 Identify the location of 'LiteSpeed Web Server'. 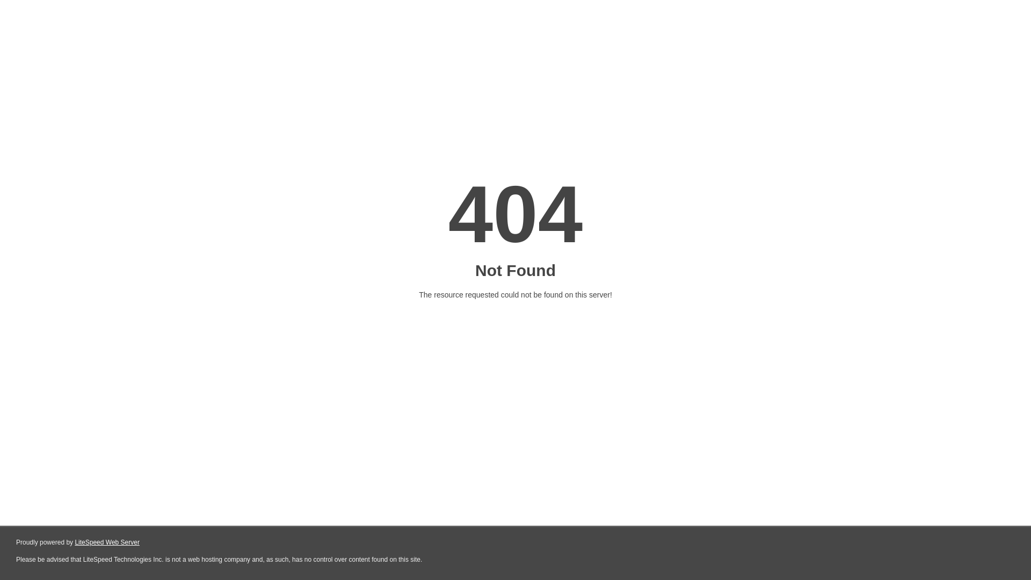
(107, 542).